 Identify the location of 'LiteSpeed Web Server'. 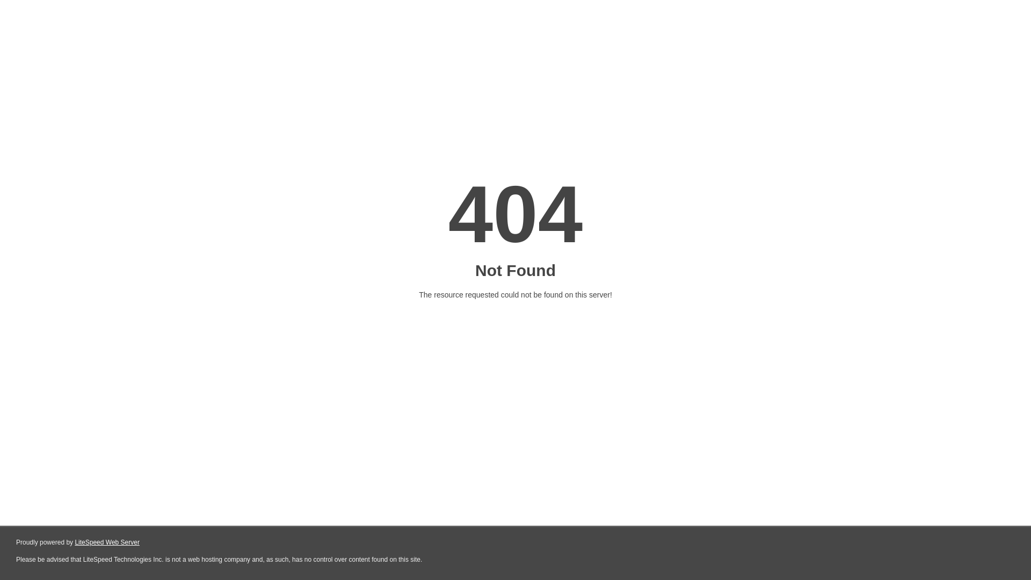
(107, 542).